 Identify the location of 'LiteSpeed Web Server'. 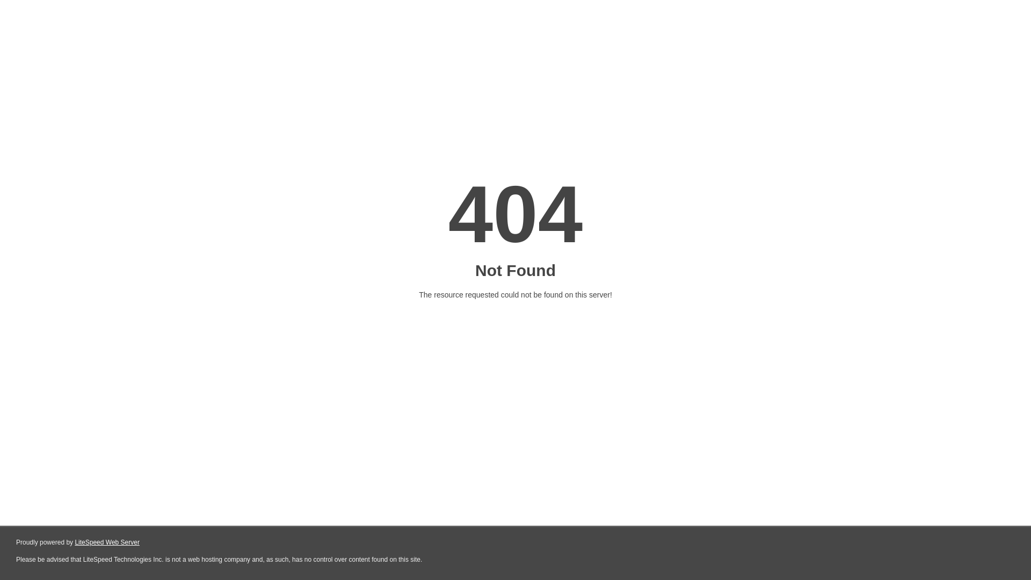
(107, 542).